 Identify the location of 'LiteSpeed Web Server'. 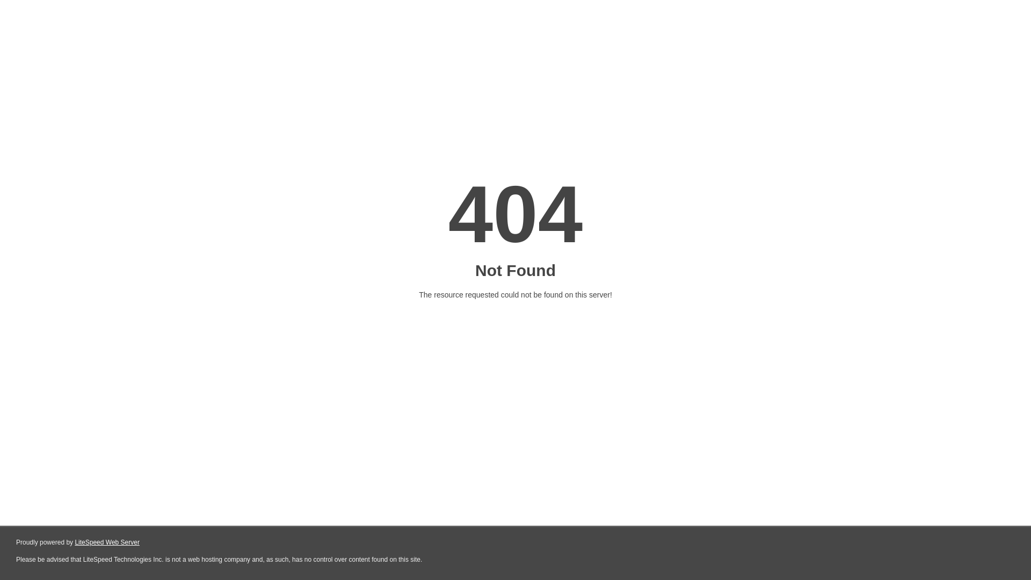
(107, 542).